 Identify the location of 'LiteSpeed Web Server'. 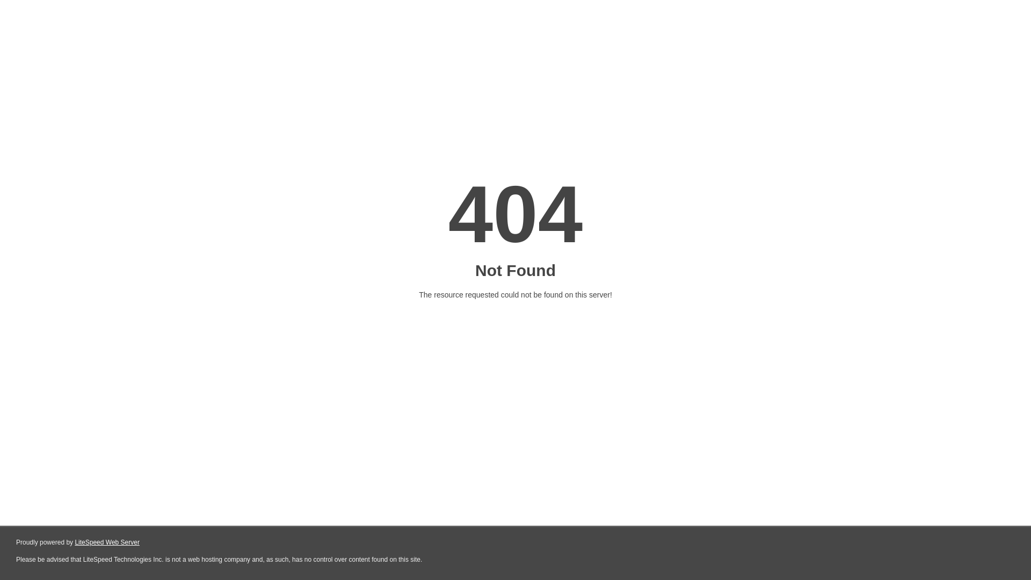
(107, 542).